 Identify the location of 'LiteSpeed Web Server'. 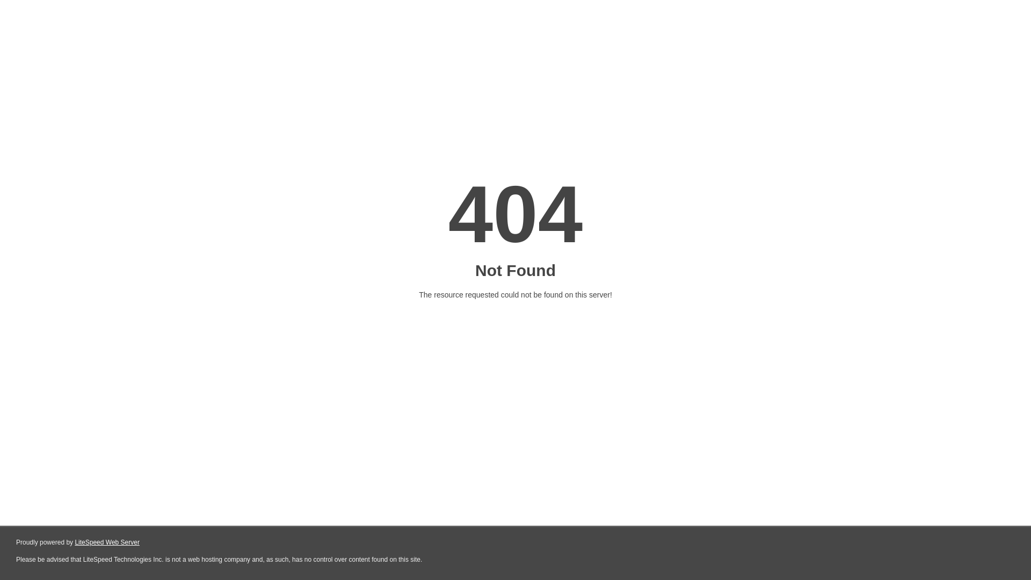
(107, 542).